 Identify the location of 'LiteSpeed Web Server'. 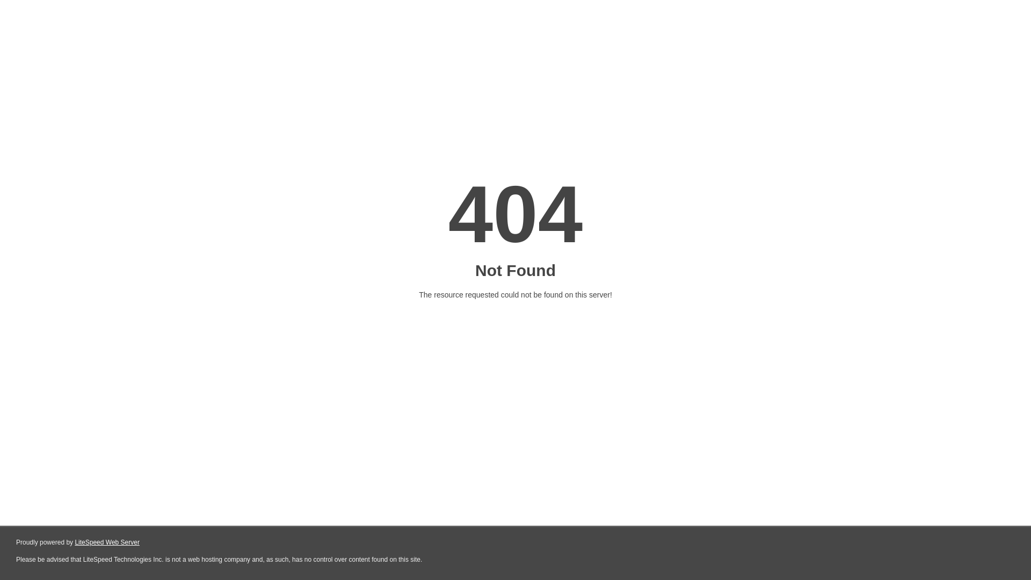
(107, 542).